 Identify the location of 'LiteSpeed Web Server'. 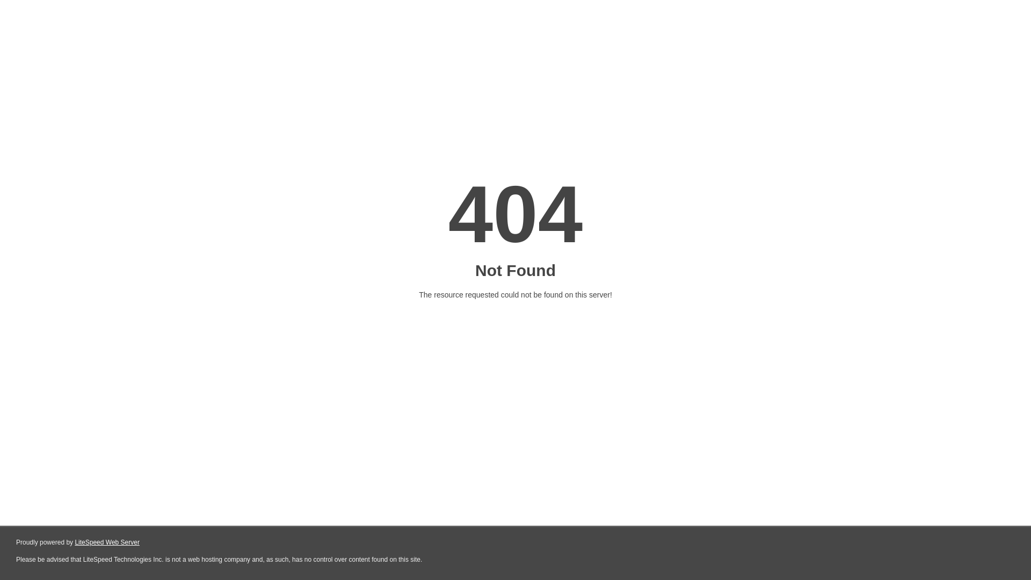
(107, 542).